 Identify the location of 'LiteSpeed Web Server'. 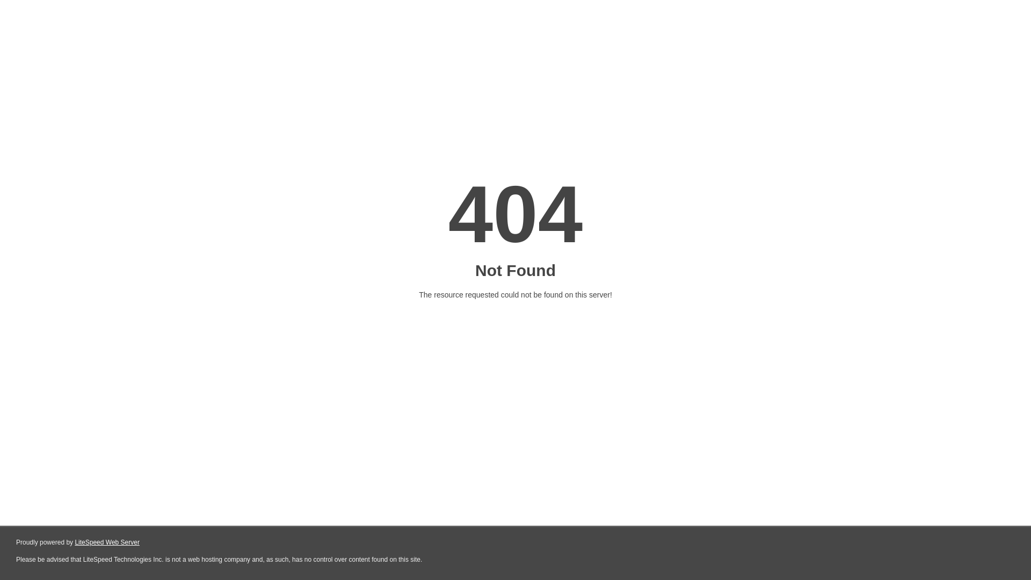
(107, 542).